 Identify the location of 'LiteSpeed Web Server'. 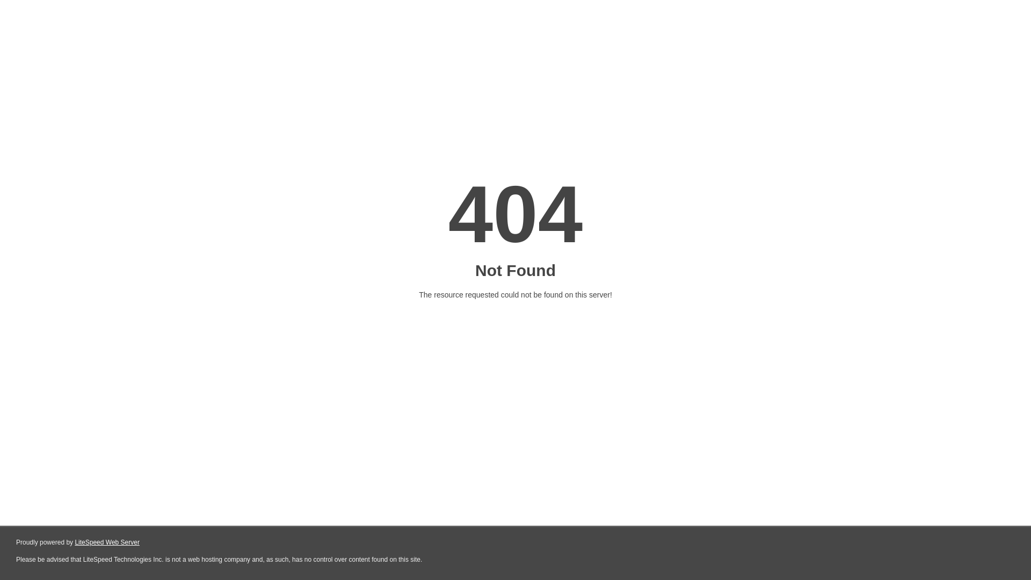
(107, 542).